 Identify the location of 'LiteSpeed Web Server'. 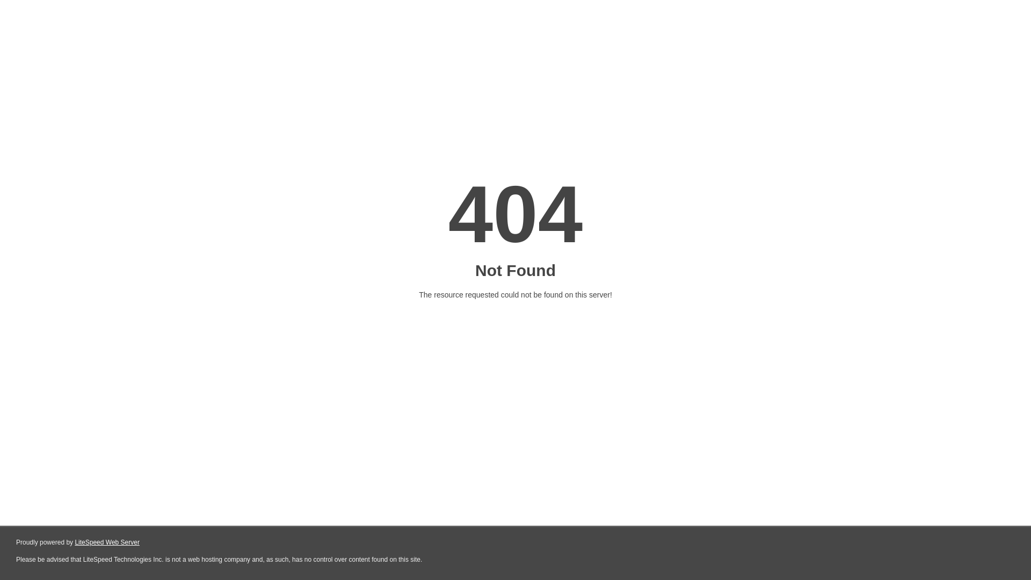
(107, 542).